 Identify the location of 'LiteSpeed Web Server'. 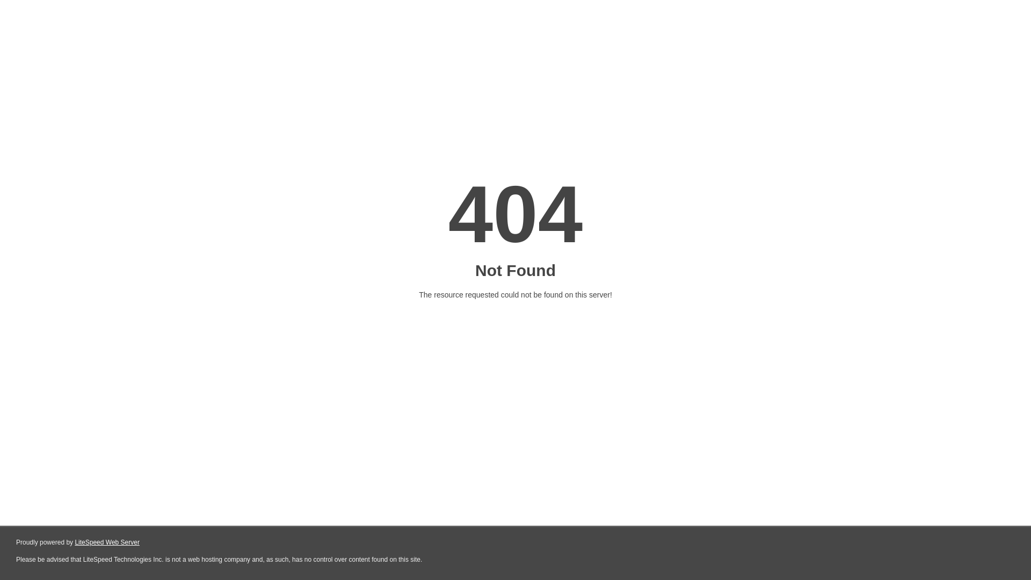
(107, 542).